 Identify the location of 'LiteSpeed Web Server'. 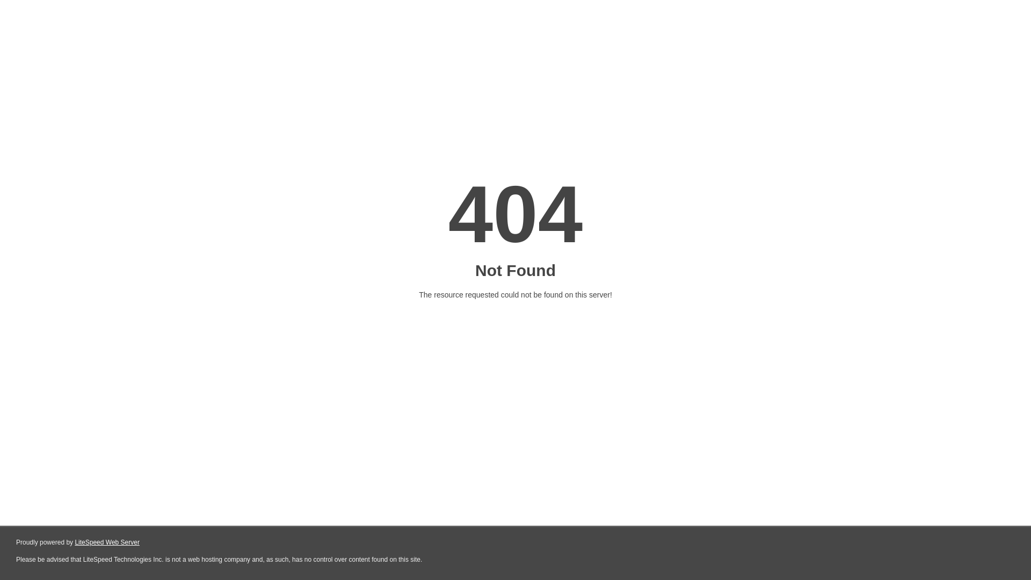
(107, 542).